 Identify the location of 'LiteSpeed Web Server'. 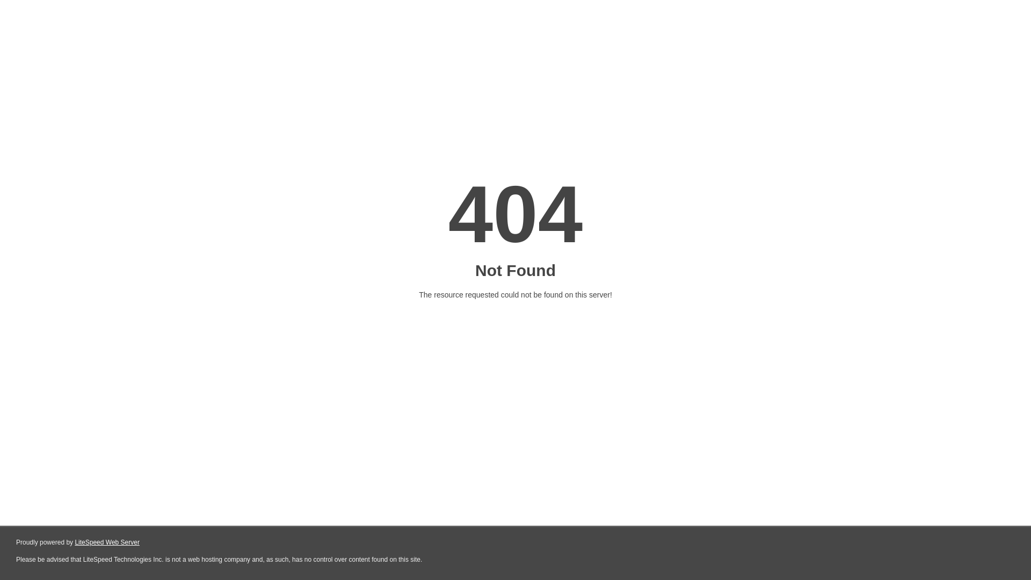
(107, 542).